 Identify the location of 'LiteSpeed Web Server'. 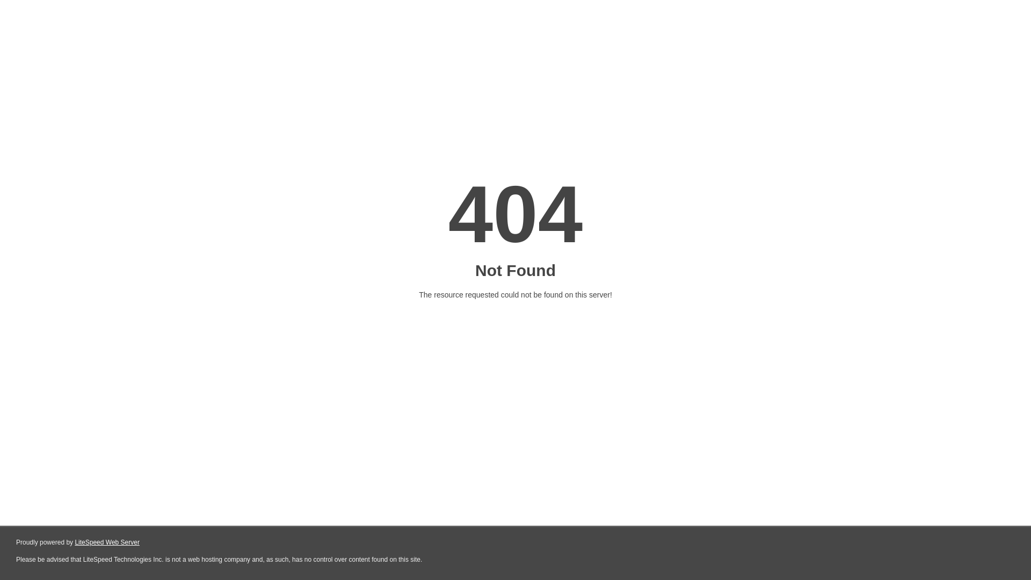
(107, 542).